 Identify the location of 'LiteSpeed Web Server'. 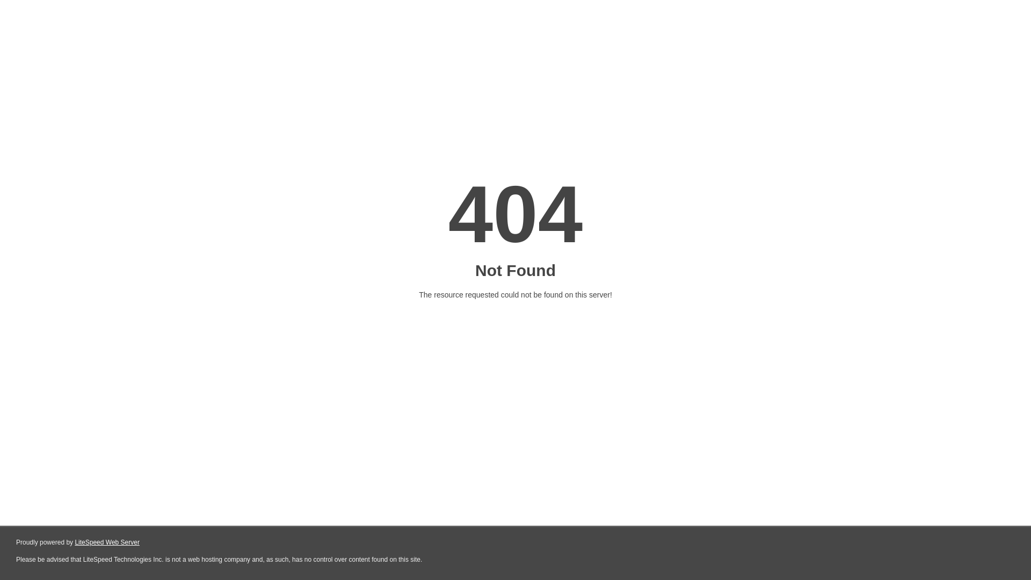
(107, 542).